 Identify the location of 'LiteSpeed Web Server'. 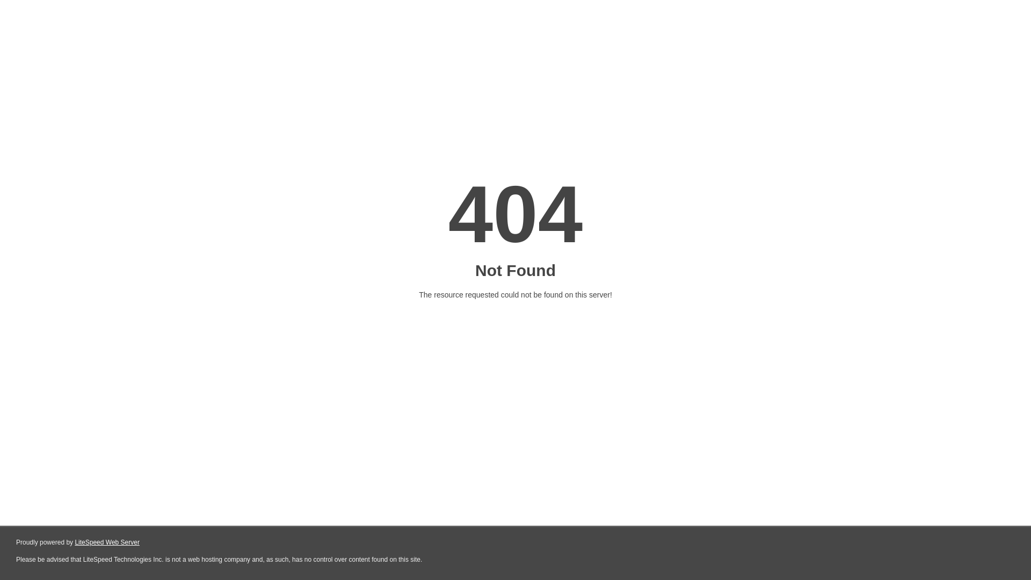
(107, 542).